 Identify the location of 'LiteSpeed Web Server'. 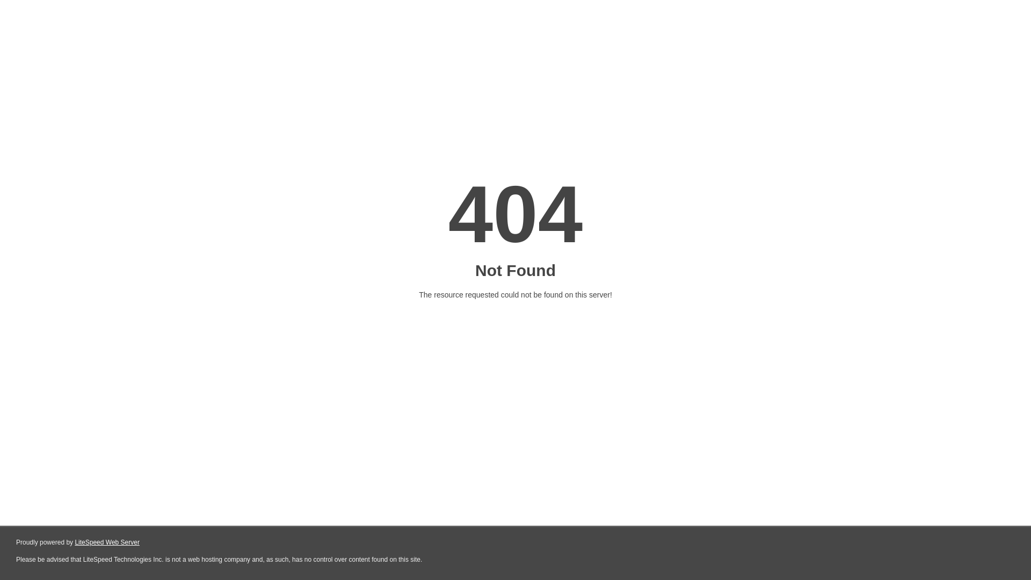
(107, 542).